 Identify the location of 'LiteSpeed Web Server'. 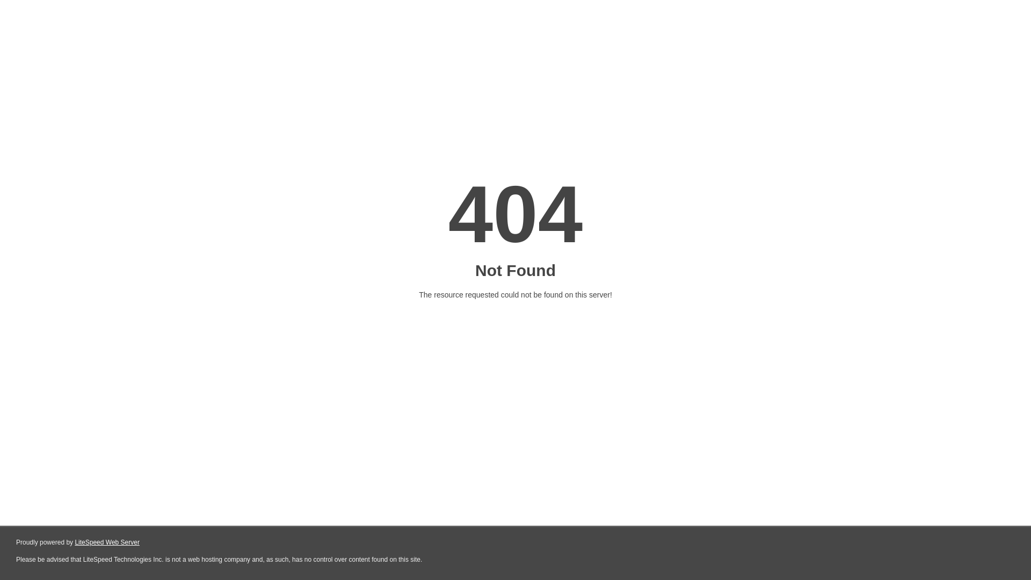
(107, 542).